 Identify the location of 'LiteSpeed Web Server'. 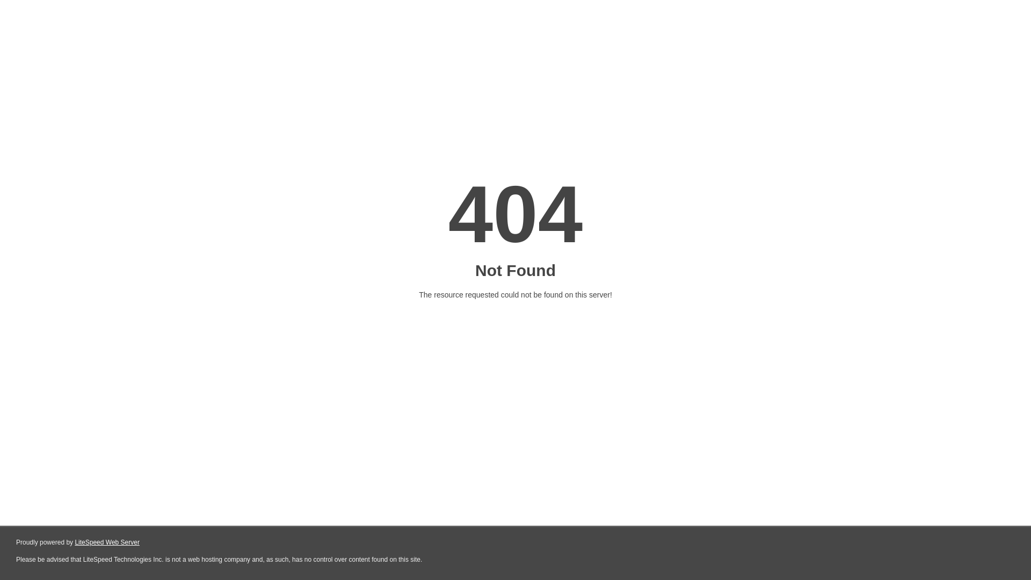
(107, 542).